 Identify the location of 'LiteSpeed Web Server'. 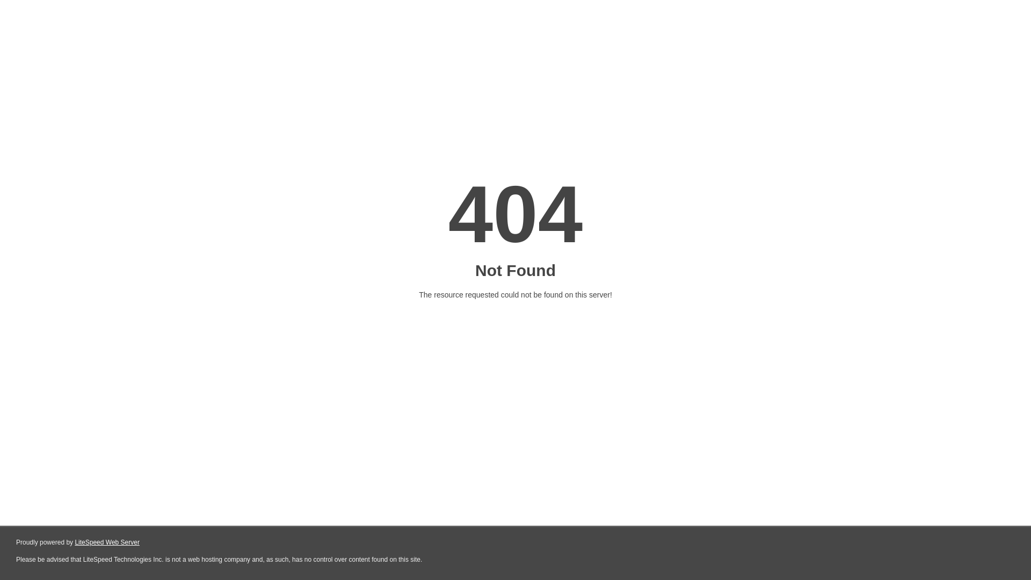
(107, 542).